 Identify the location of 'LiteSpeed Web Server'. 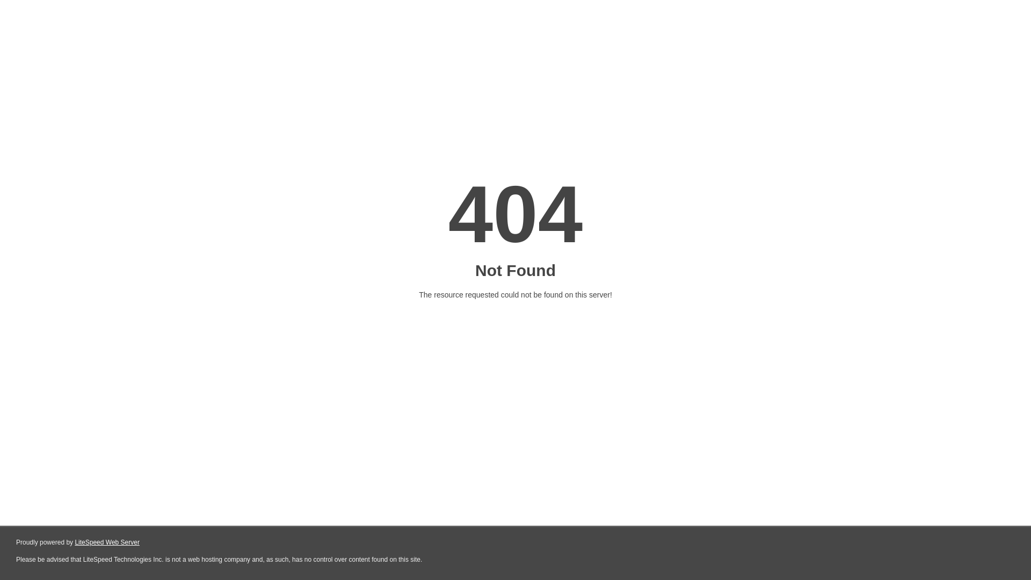
(107, 542).